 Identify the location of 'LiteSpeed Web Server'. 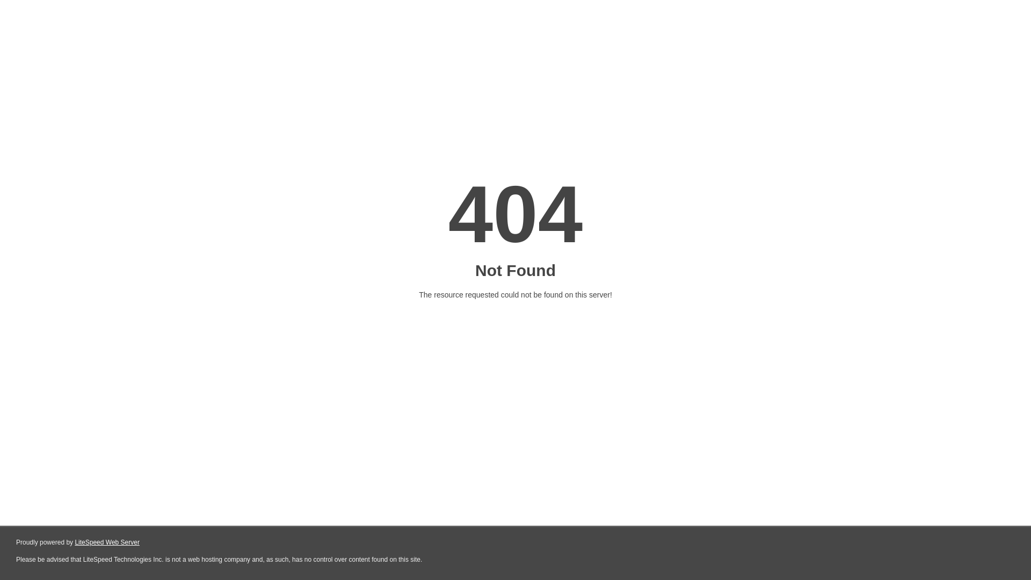
(107, 542).